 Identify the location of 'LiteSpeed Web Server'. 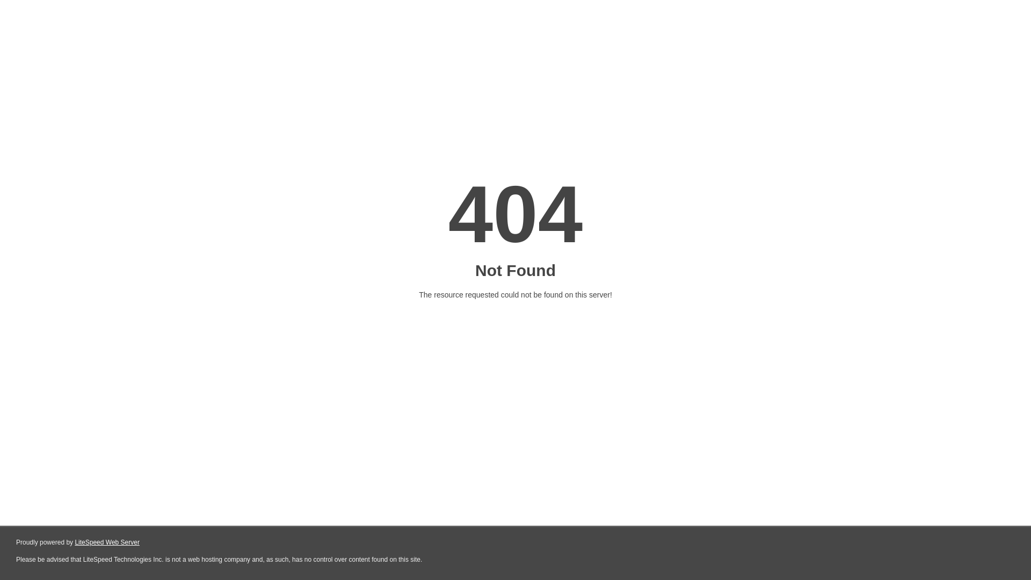
(107, 542).